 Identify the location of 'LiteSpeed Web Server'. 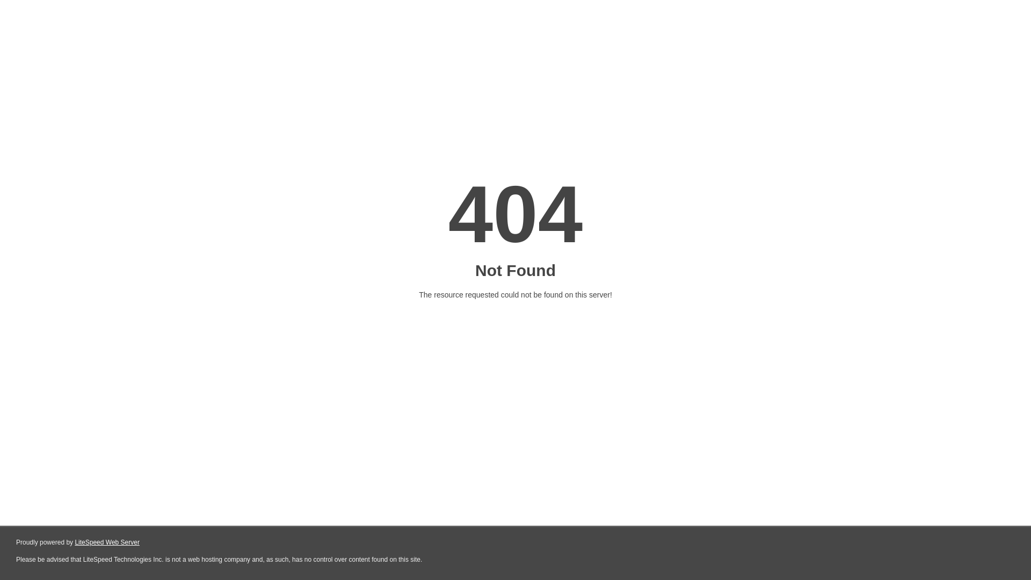
(107, 542).